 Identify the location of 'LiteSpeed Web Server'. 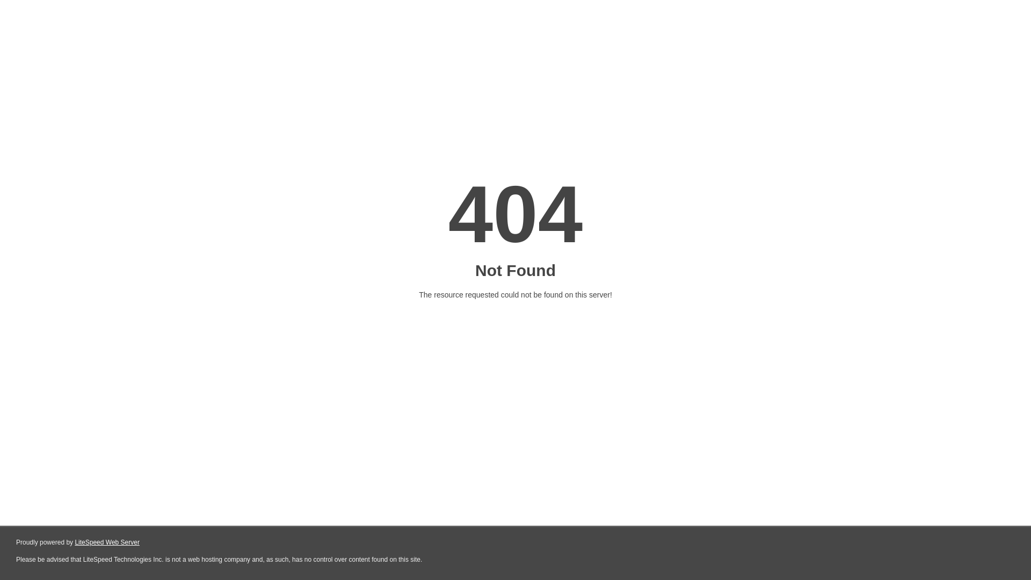
(107, 542).